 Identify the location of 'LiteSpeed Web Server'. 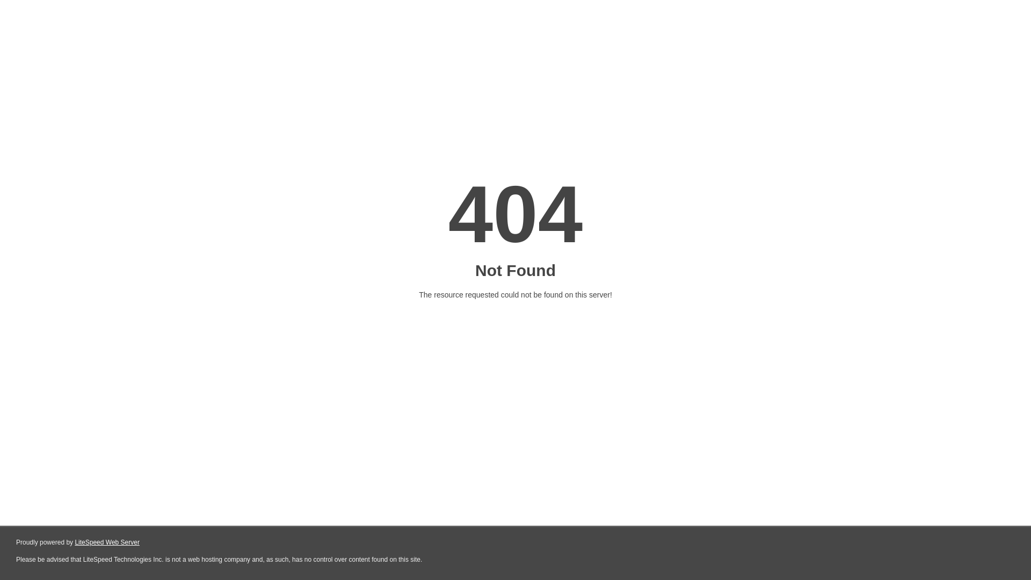
(107, 542).